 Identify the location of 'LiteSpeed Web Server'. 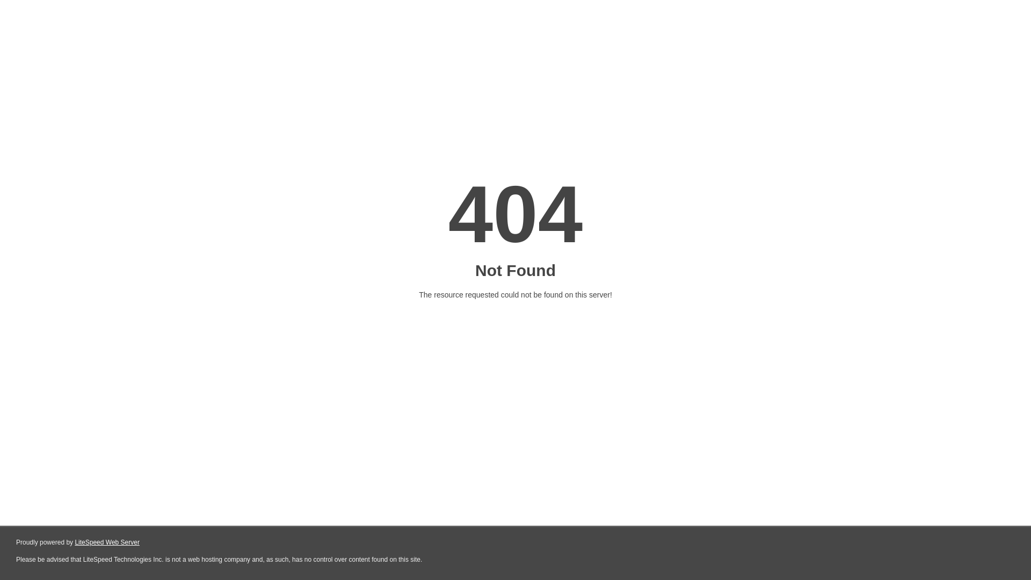
(107, 542).